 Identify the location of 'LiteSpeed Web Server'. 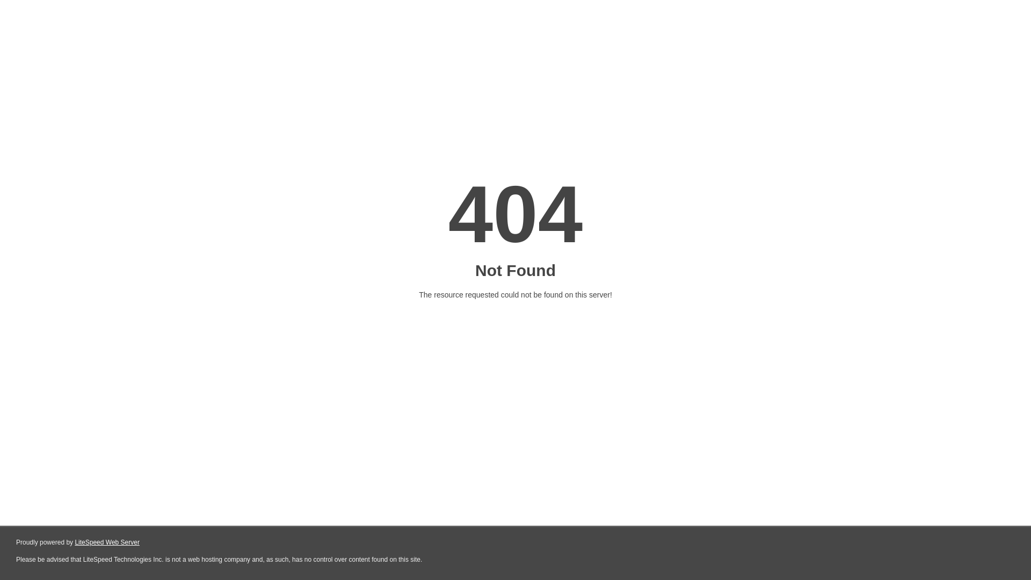
(107, 542).